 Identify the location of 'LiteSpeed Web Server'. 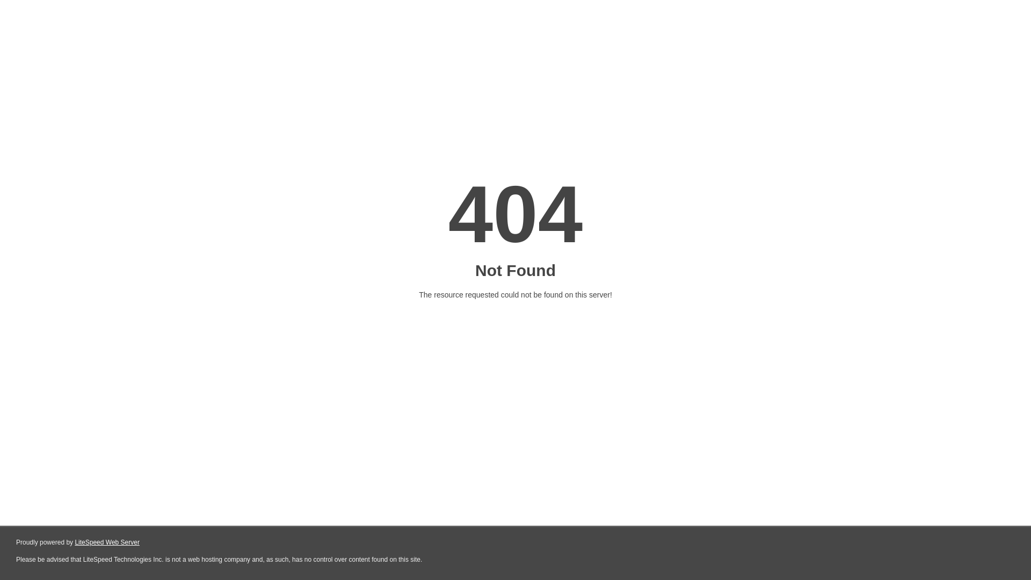
(107, 542).